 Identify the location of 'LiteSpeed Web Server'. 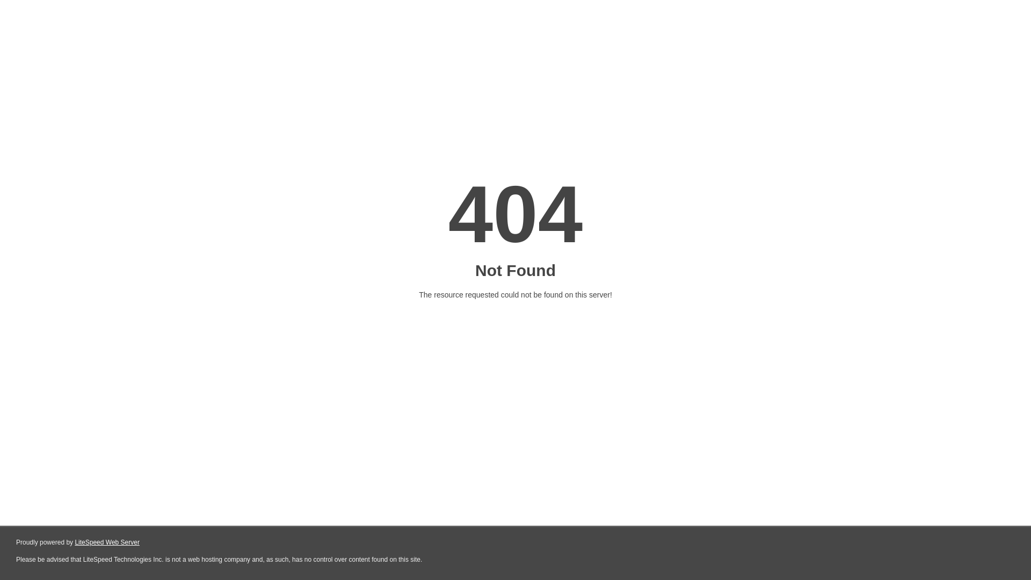
(107, 542).